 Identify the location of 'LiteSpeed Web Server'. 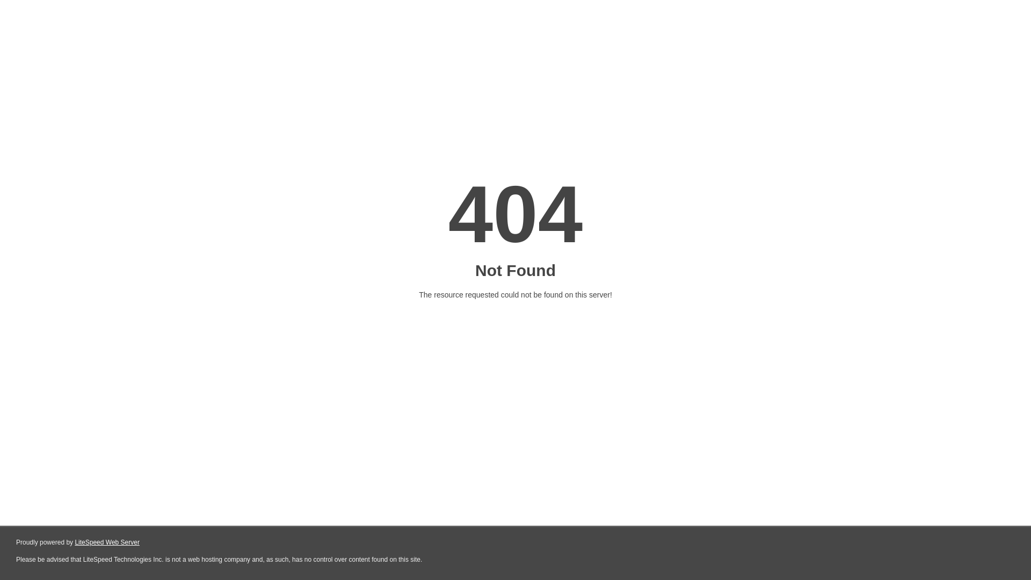
(107, 542).